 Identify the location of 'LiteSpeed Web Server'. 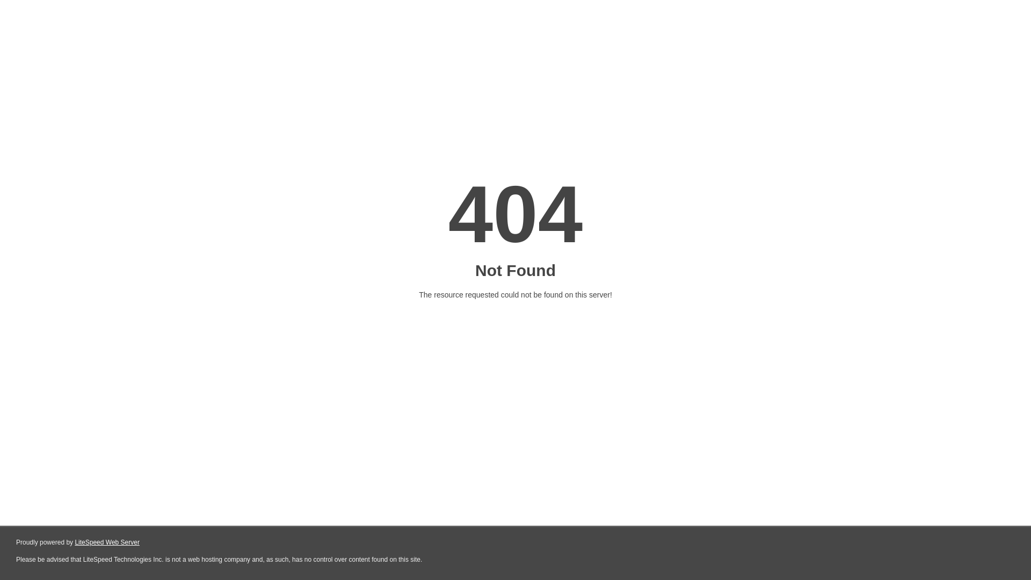
(107, 542).